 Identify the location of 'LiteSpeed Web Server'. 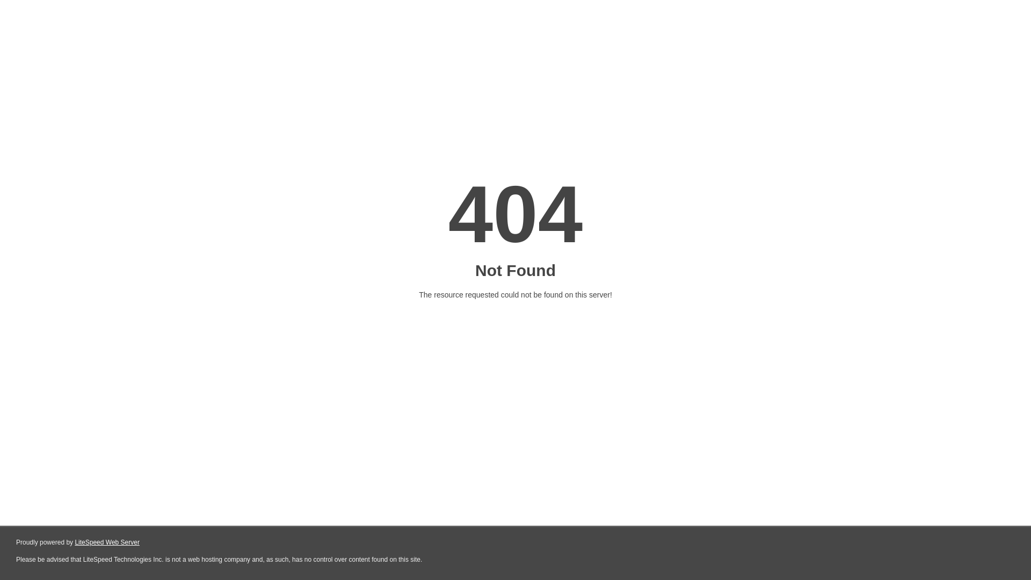
(107, 542).